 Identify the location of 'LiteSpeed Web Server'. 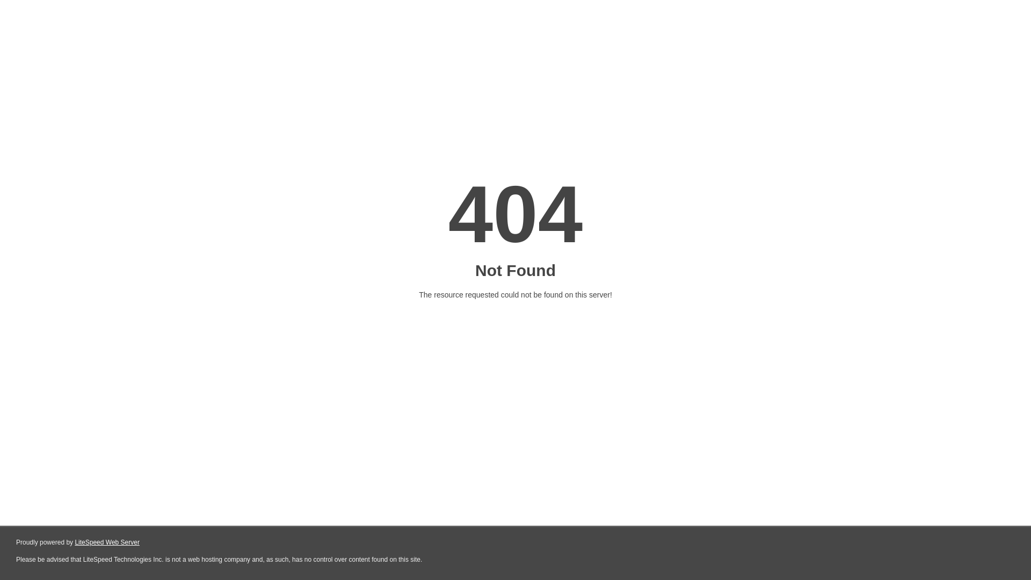
(107, 542).